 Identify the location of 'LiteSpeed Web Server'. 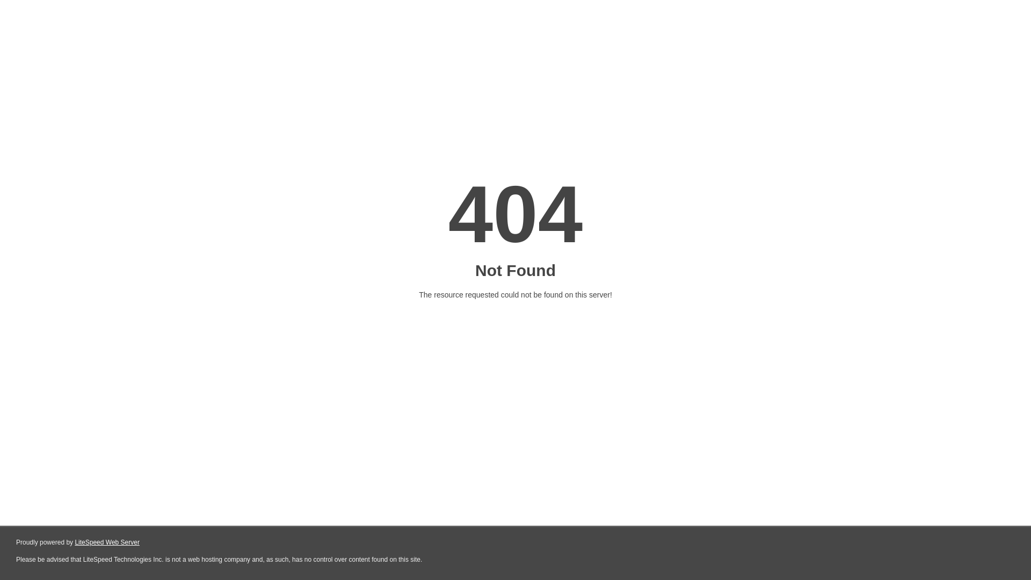
(107, 542).